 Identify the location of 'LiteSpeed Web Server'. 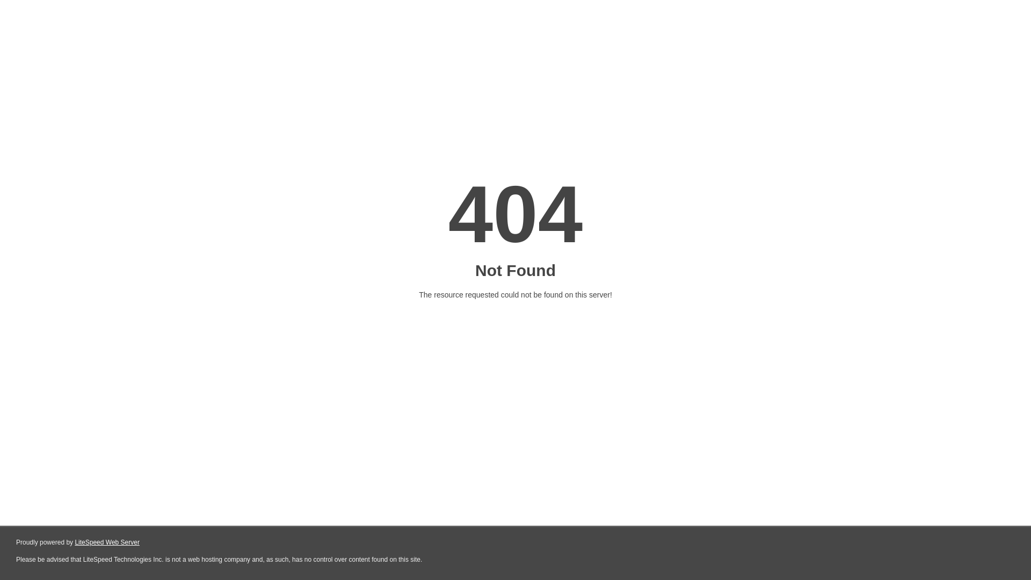
(107, 542).